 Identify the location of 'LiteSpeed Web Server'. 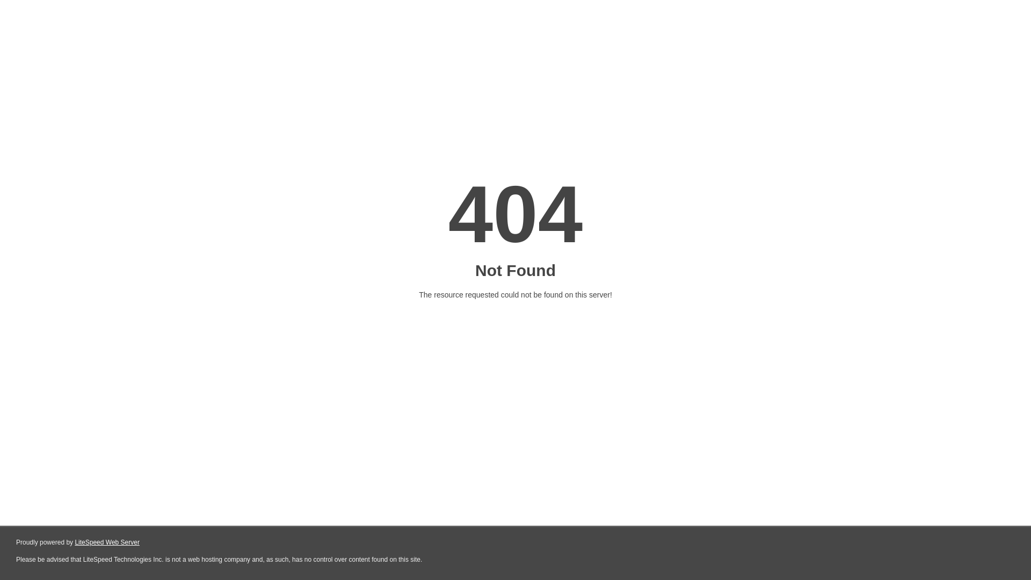
(107, 542).